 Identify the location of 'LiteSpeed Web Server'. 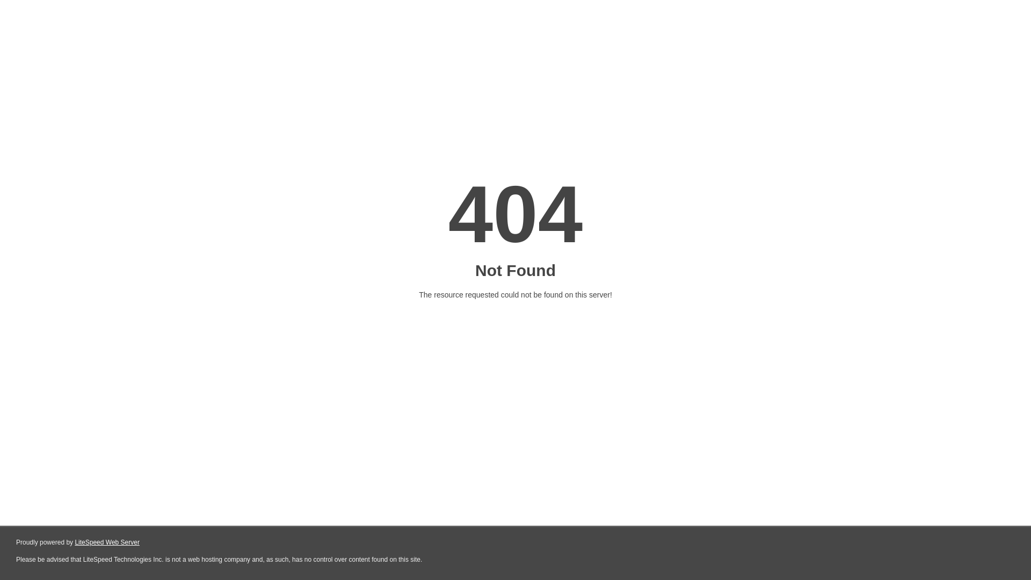
(107, 542).